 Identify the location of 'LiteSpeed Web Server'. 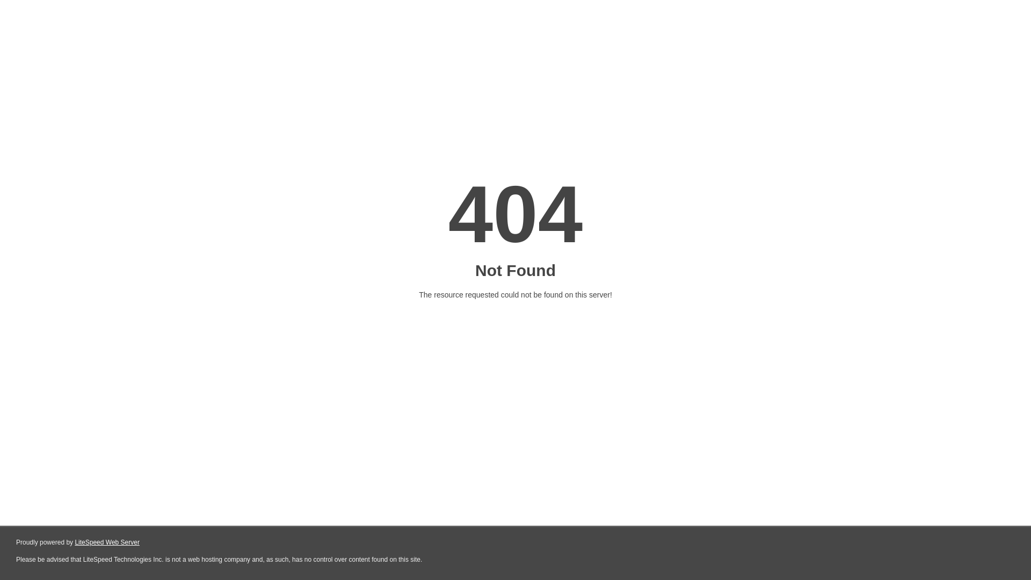
(107, 542).